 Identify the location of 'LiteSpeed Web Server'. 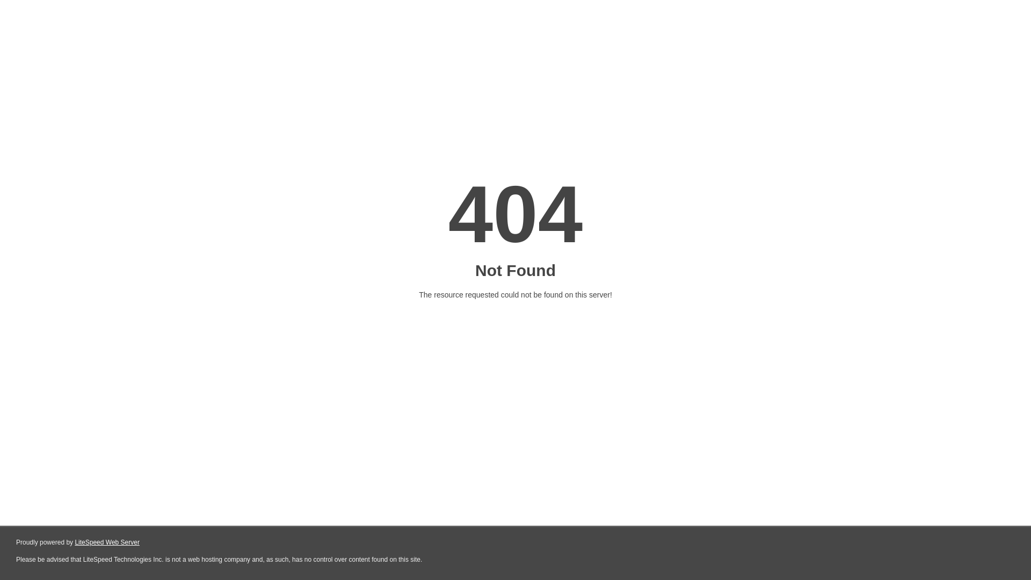
(107, 542).